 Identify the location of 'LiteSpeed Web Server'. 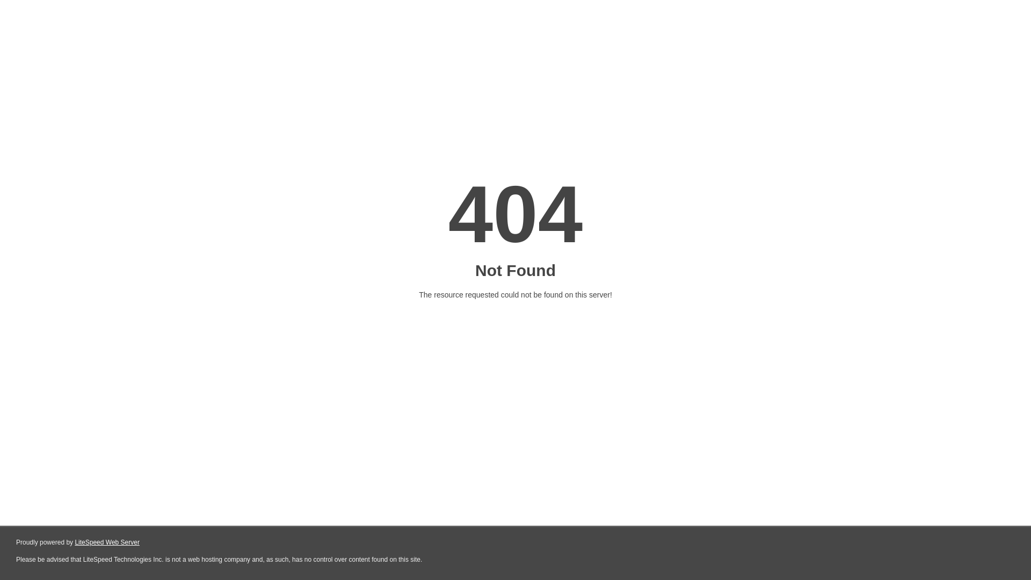
(107, 542).